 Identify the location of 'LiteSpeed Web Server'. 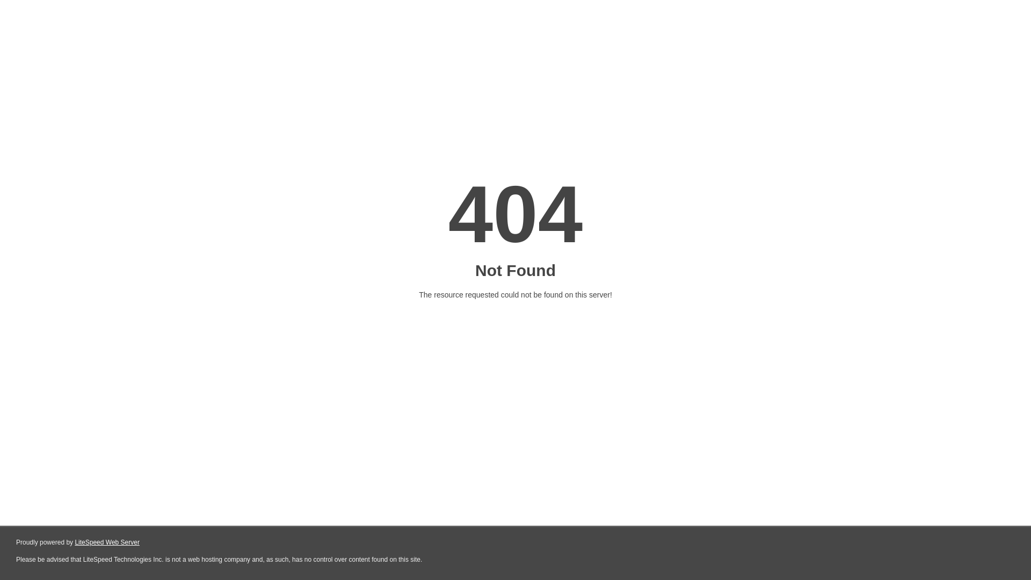
(107, 542).